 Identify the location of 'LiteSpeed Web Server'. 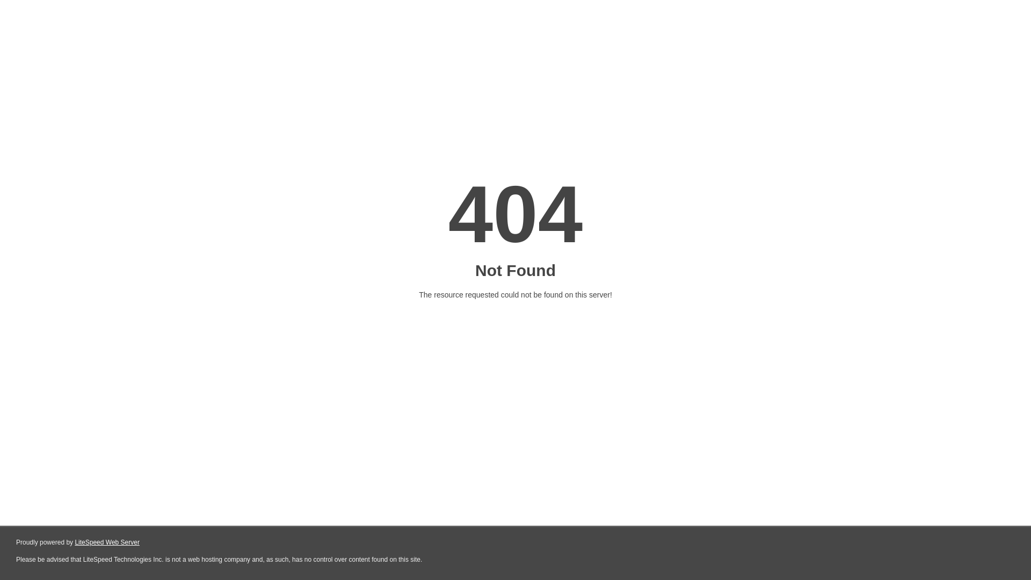
(107, 542).